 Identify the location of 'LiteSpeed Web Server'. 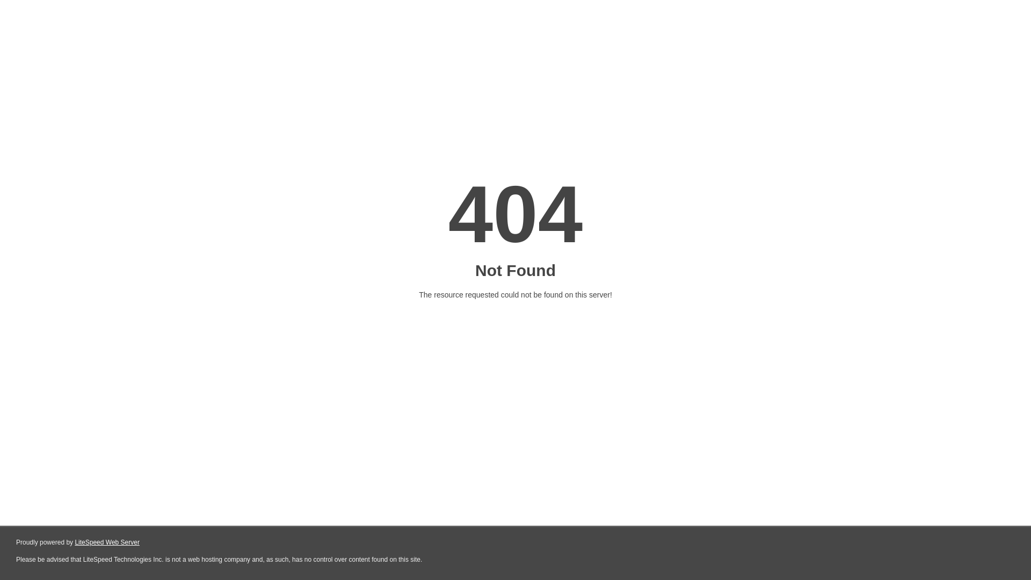
(107, 542).